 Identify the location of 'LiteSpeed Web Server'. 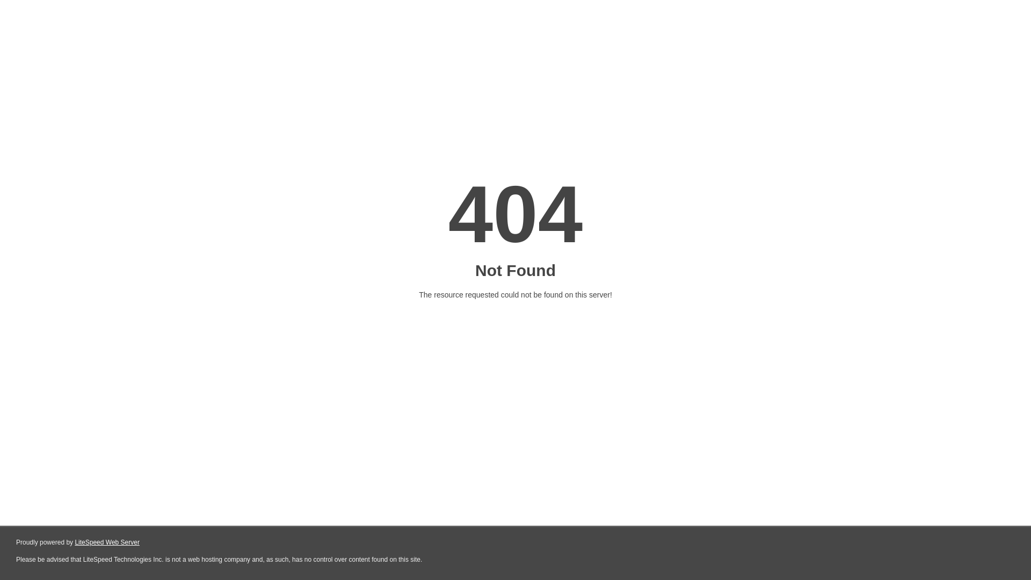
(107, 542).